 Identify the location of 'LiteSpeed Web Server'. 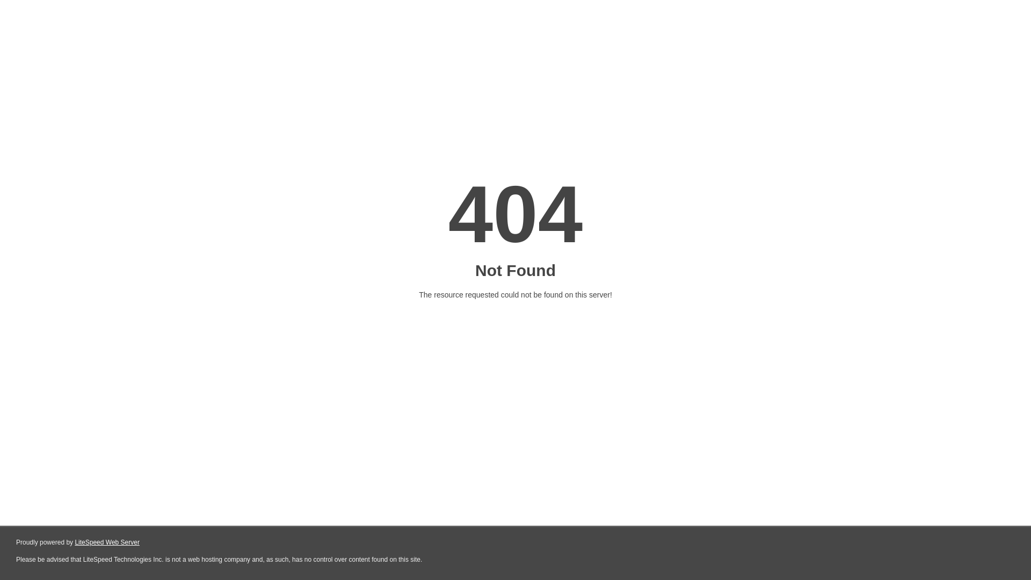
(107, 542).